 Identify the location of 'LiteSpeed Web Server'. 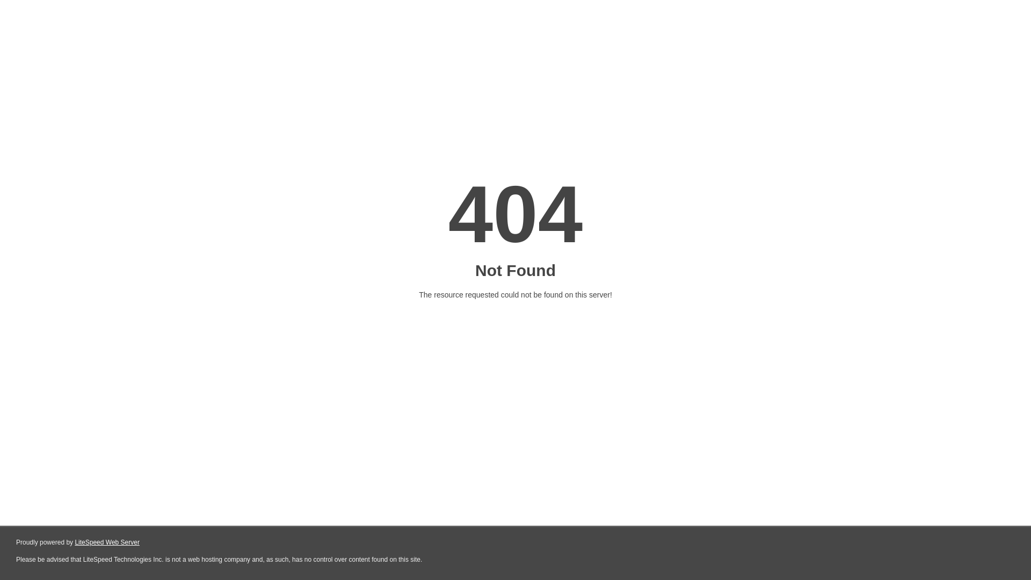
(107, 542).